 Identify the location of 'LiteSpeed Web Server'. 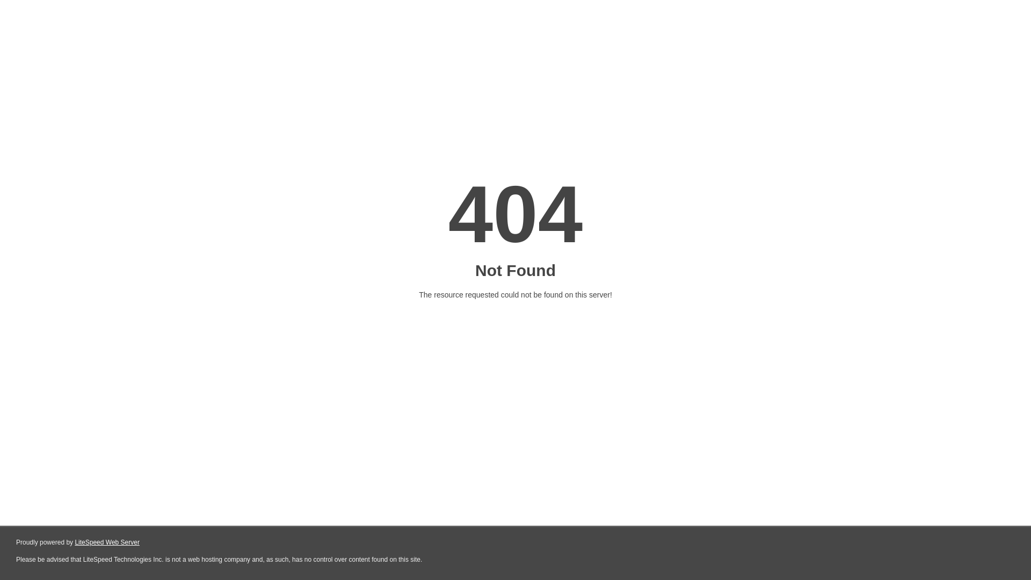
(107, 542).